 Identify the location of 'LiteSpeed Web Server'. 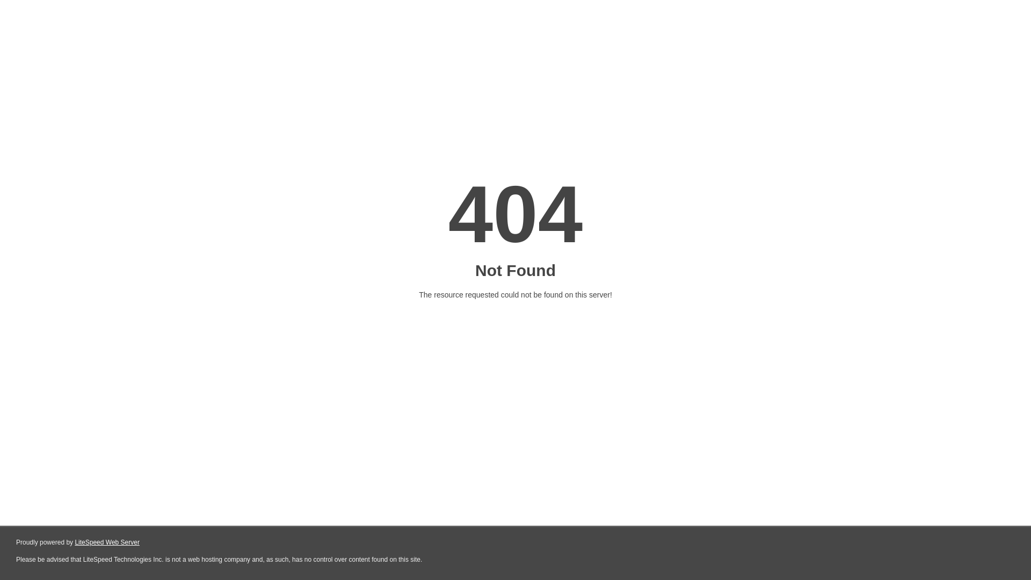
(107, 542).